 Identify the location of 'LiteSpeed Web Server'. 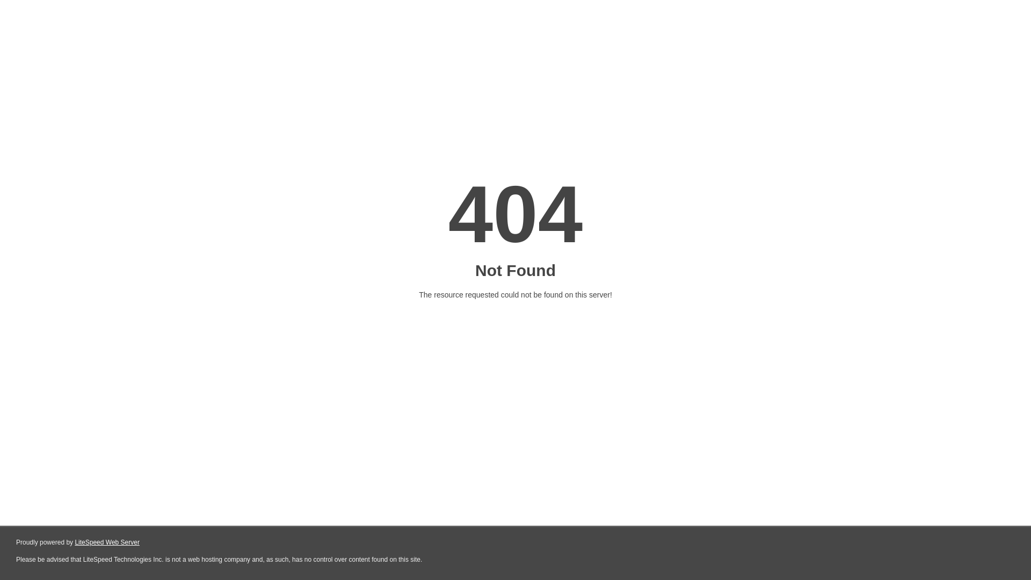
(107, 542).